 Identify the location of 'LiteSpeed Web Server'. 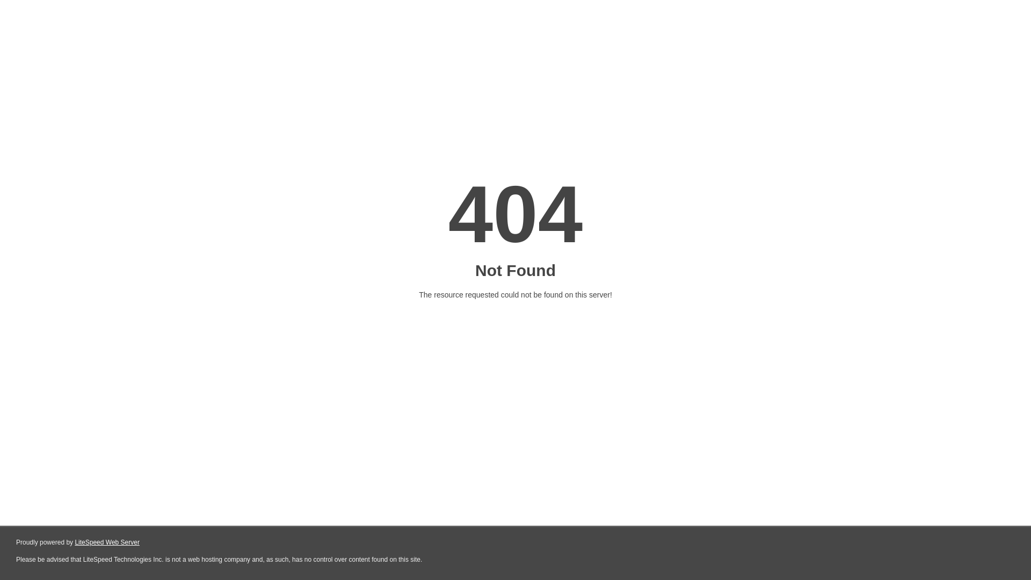
(107, 542).